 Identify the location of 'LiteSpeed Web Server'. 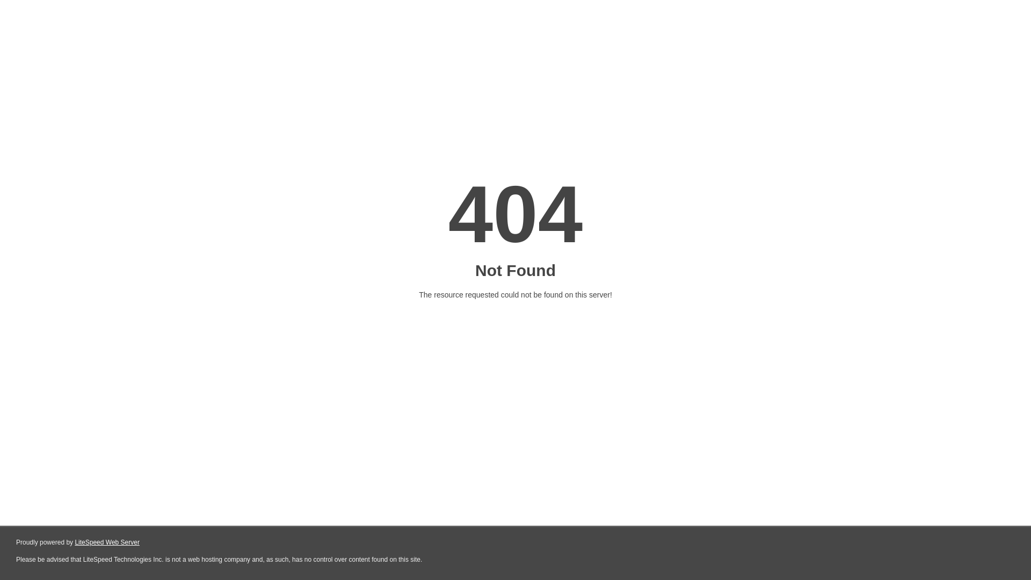
(107, 542).